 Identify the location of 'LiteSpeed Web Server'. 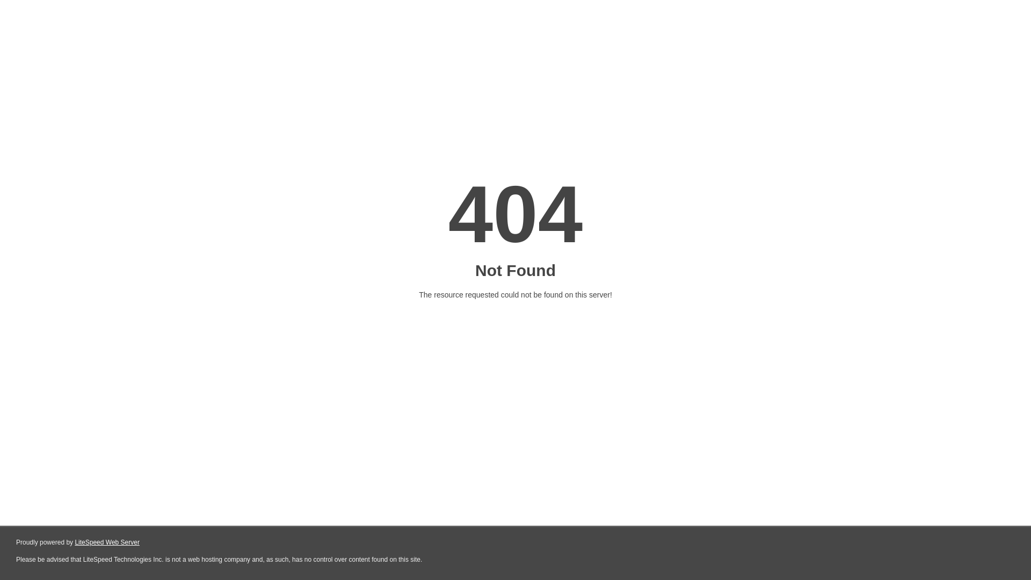
(107, 542).